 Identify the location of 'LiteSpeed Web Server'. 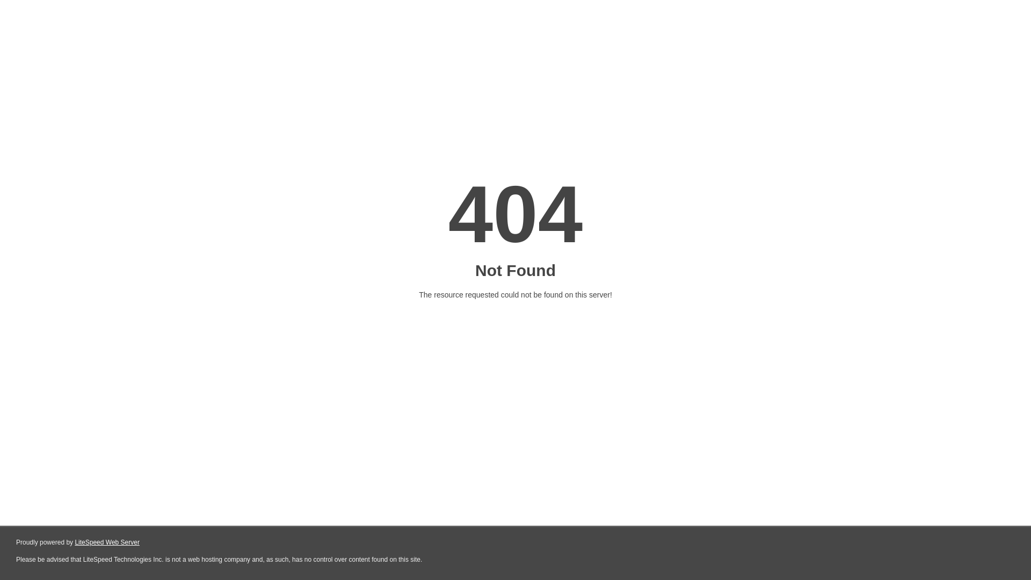
(107, 542).